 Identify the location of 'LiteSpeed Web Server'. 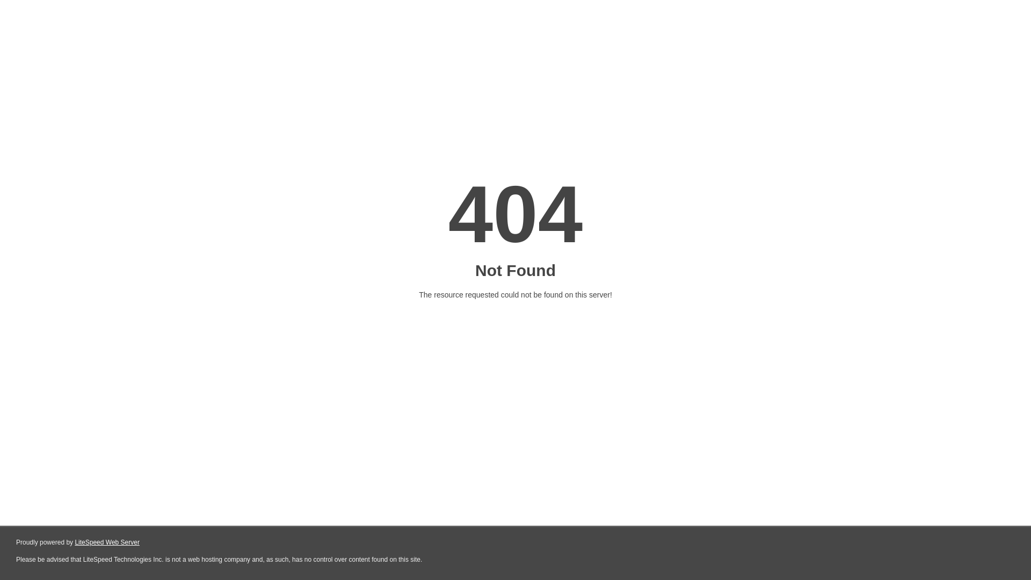
(107, 542).